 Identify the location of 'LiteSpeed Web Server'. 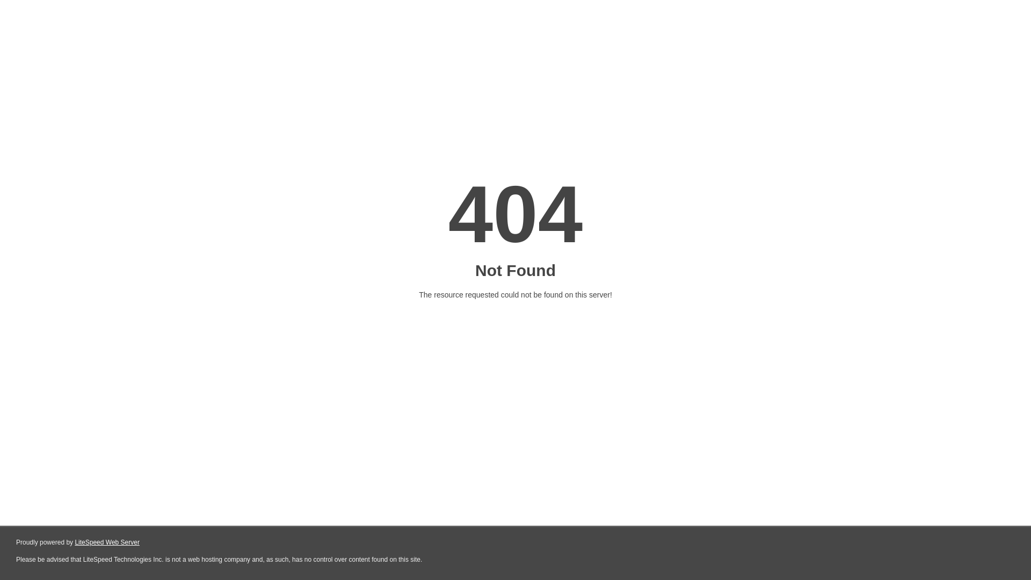
(107, 542).